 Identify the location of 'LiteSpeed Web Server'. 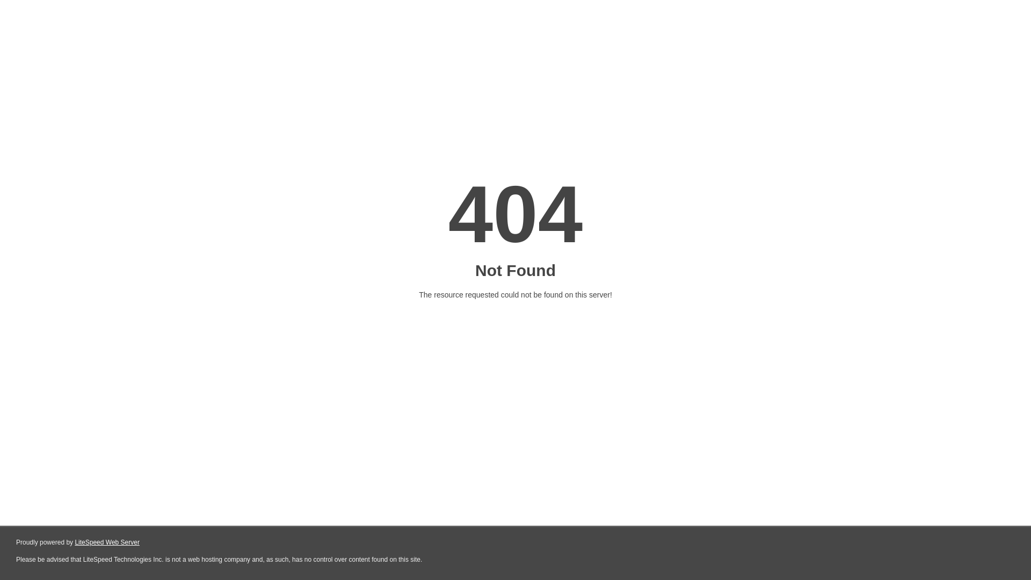
(107, 542).